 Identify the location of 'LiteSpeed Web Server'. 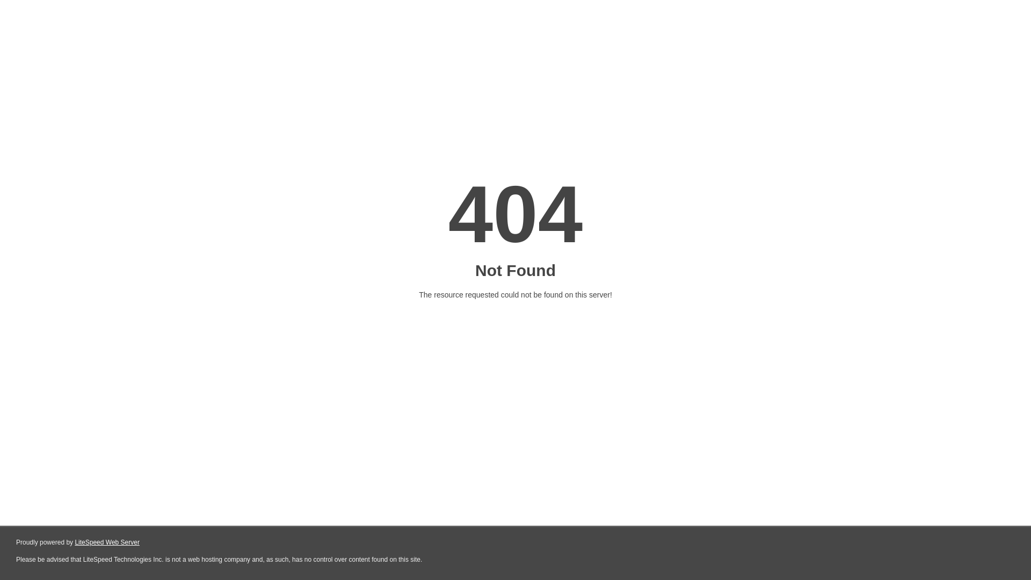
(107, 542).